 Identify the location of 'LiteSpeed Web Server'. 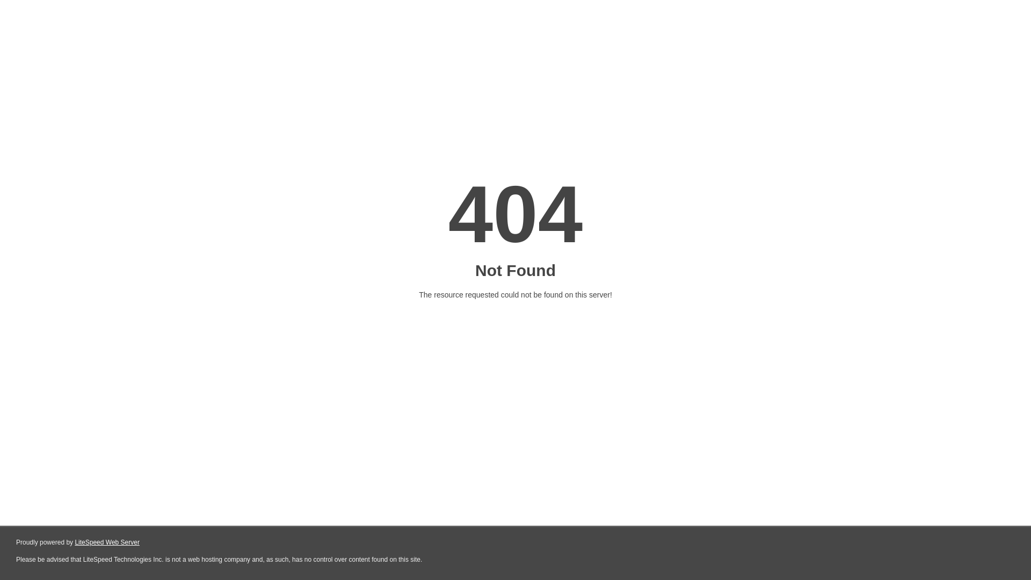
(107, 542).